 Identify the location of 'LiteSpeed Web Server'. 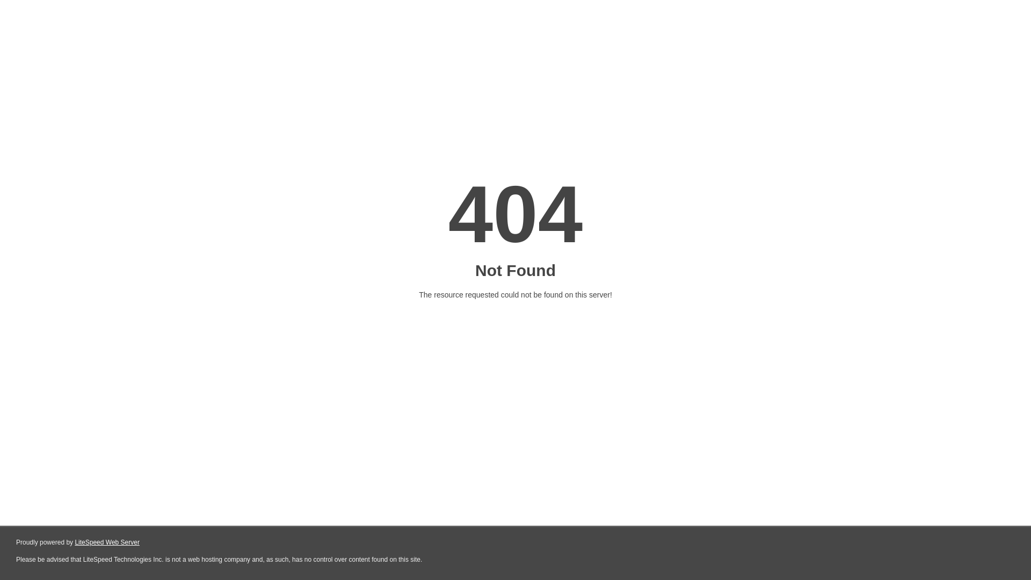
(107, 542).